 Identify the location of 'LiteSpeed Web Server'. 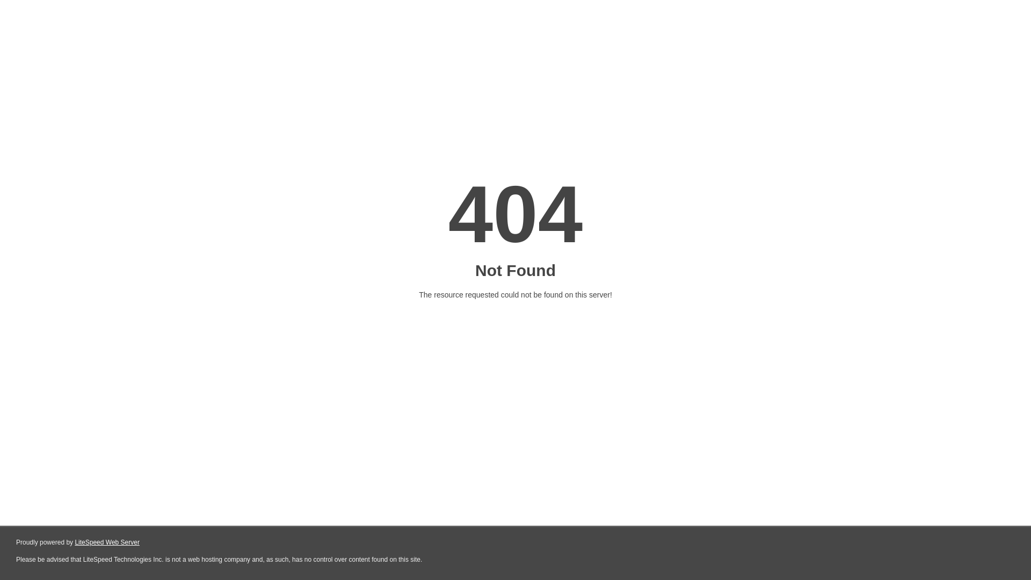
(107, 542).